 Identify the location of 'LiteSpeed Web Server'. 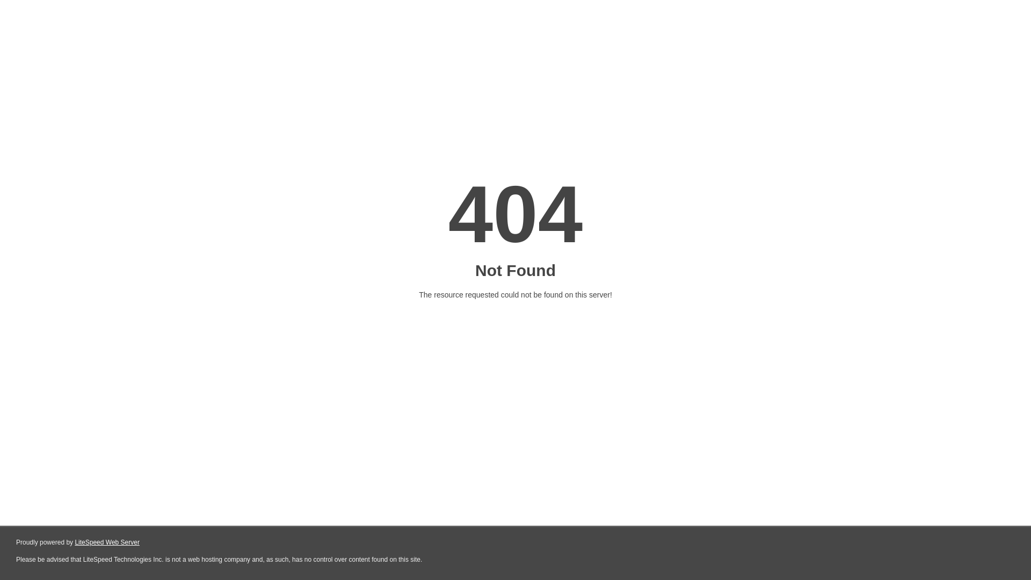
(107, 542).